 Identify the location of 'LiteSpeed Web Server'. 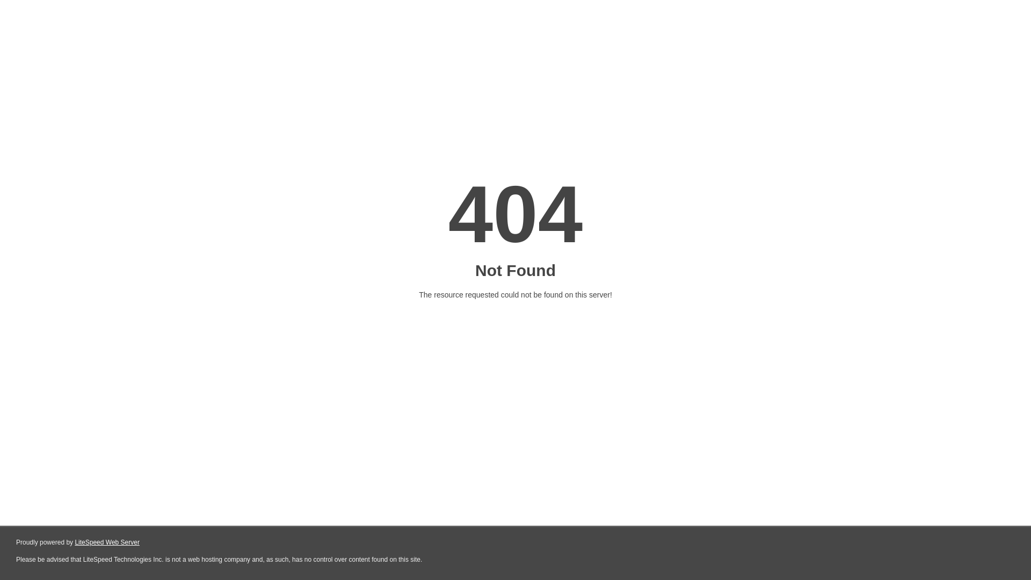
(107, 542).